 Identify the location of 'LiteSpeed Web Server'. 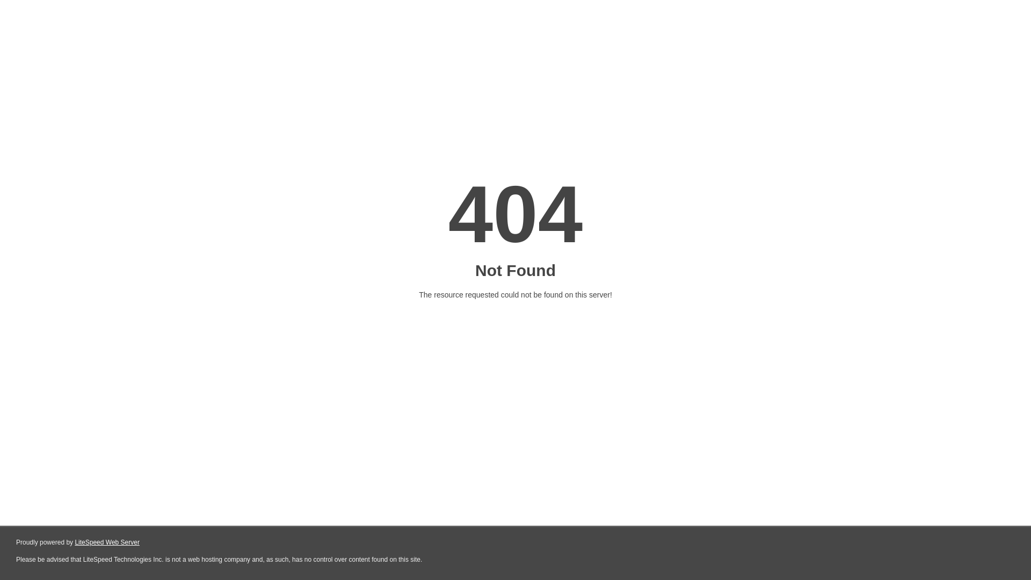
(107, 542).